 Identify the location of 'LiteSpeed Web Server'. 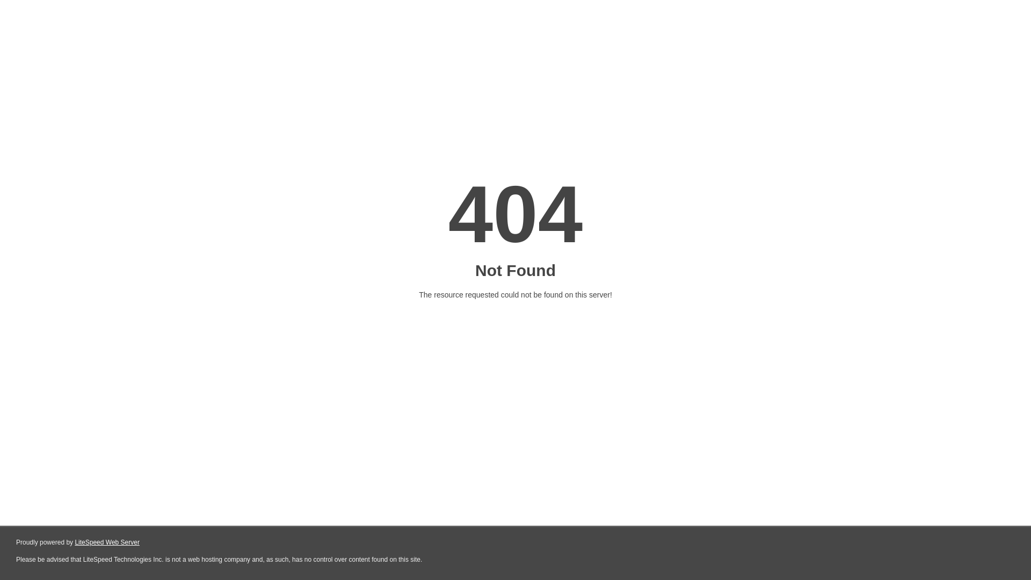
(107, 542).